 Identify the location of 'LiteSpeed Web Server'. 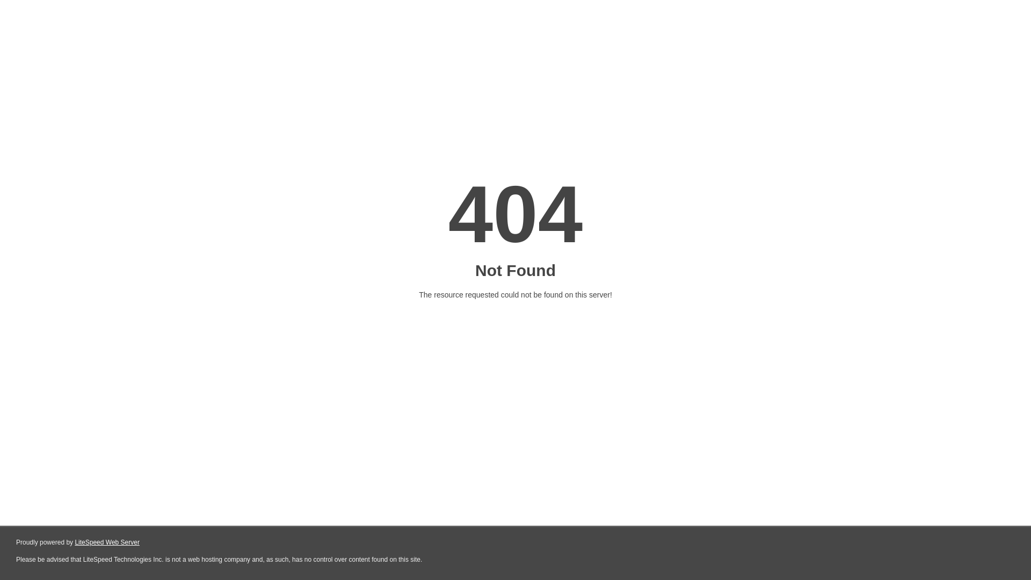
(107, 542).